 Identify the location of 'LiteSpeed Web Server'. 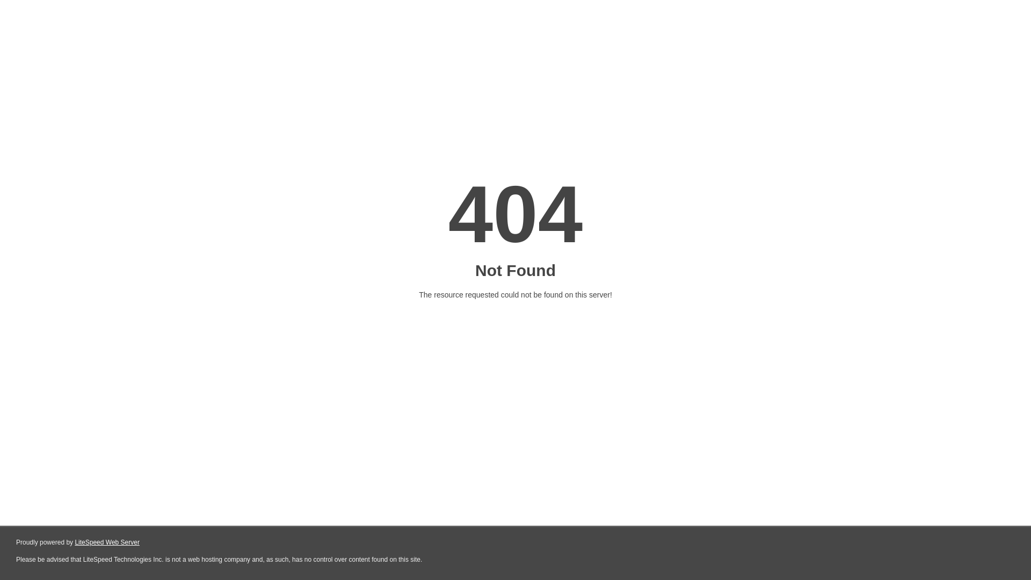
(107, 542).